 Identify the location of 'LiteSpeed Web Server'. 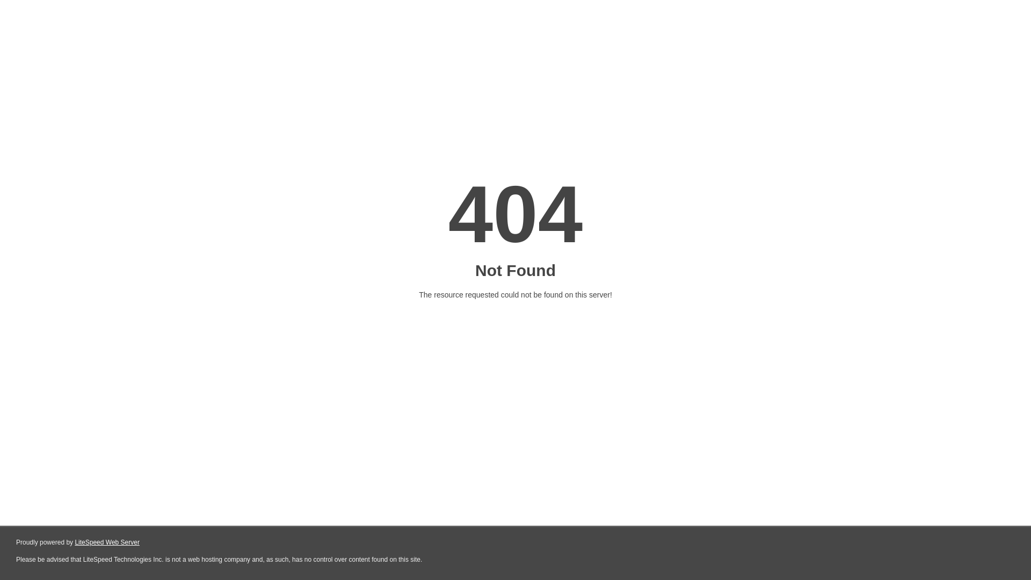
(107, 542).